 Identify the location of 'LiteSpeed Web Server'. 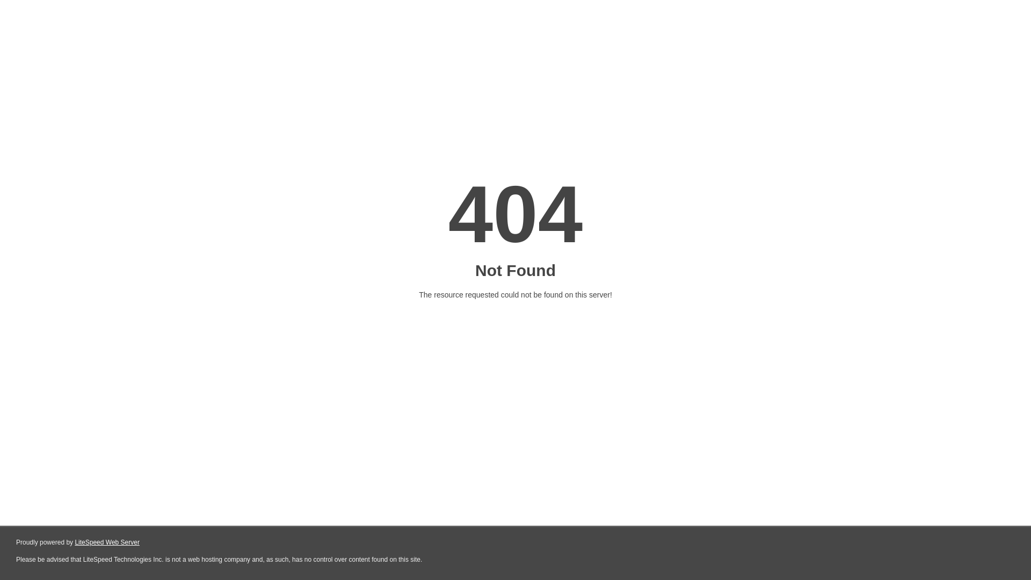
(107, 542).